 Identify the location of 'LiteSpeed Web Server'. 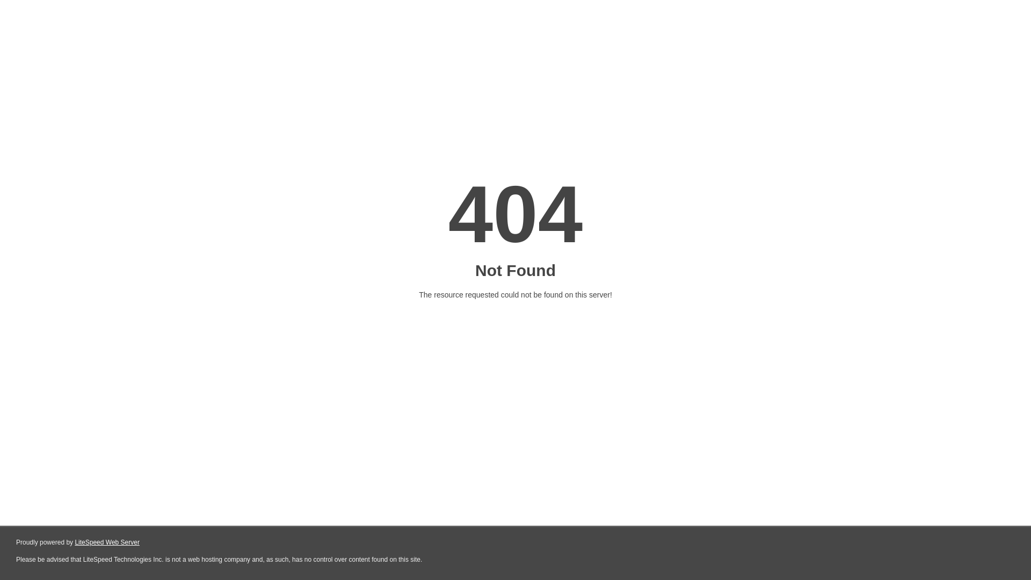
(107, 542).